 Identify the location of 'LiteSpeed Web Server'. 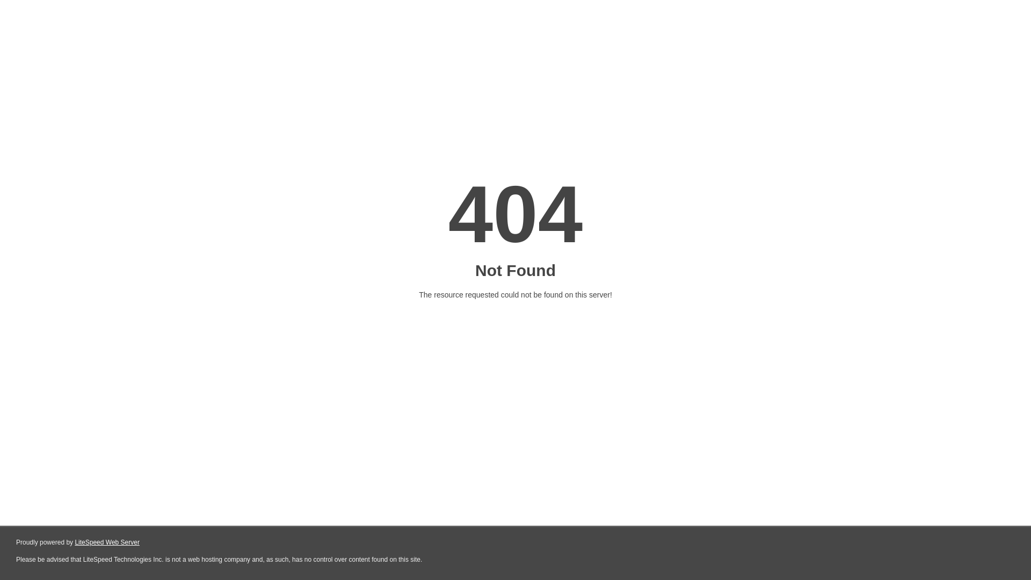
(107, 542).